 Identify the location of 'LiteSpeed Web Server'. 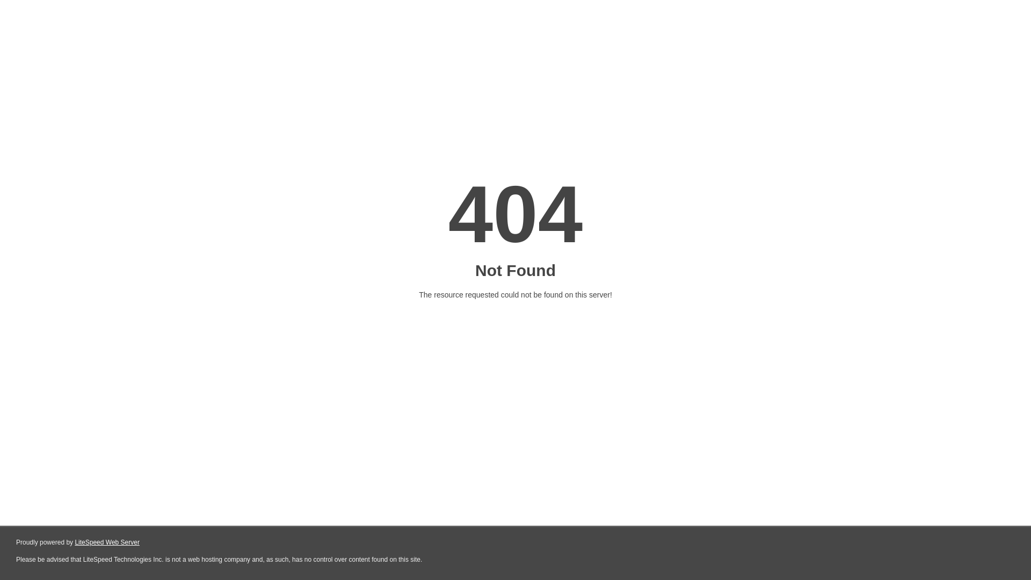
(107, 542).